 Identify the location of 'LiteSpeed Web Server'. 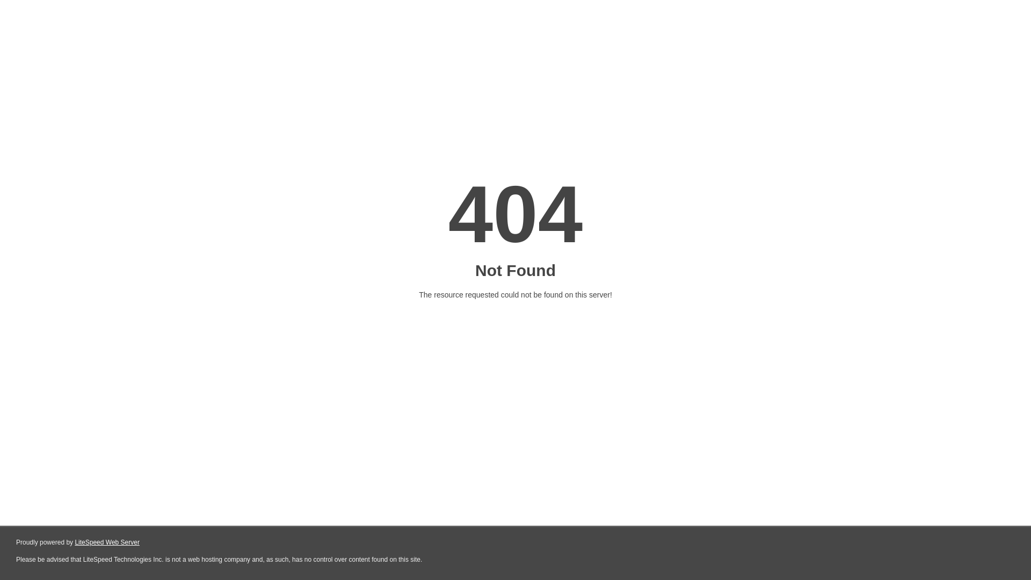
(107, 542).